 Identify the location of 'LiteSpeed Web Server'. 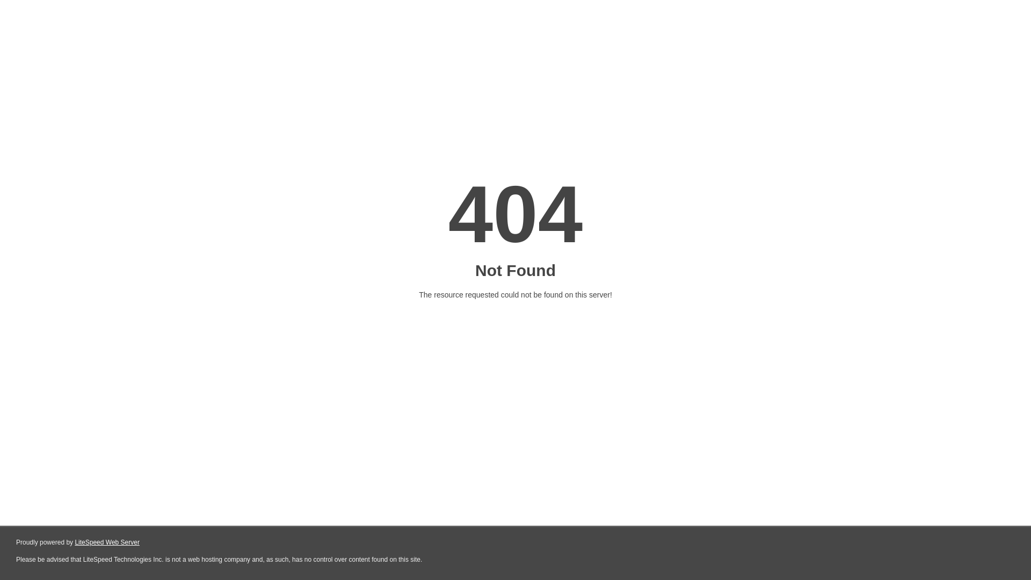
(107, 542).